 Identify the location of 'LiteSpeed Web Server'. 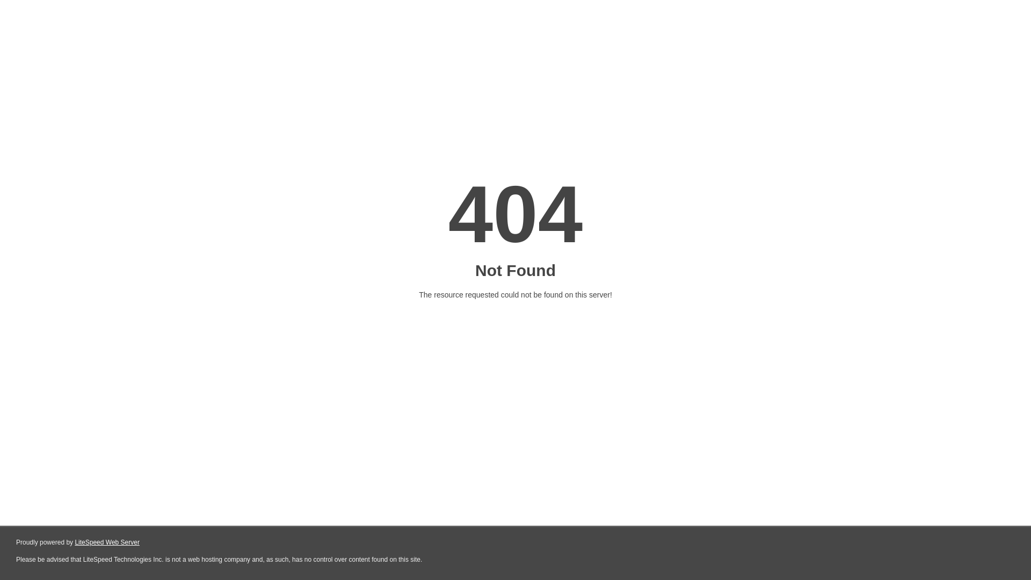
(107, 542).